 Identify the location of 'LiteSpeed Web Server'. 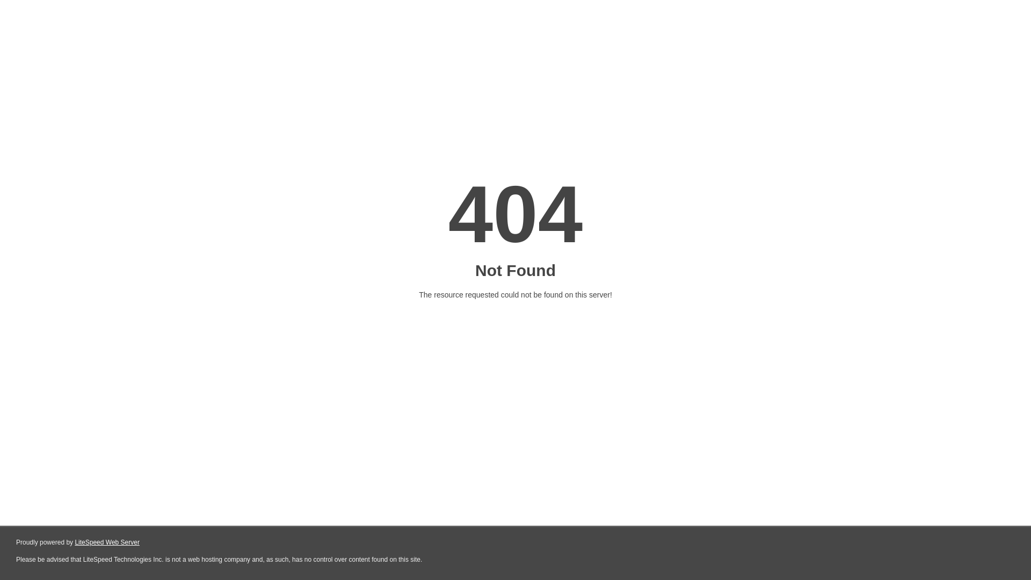
(107, 542).